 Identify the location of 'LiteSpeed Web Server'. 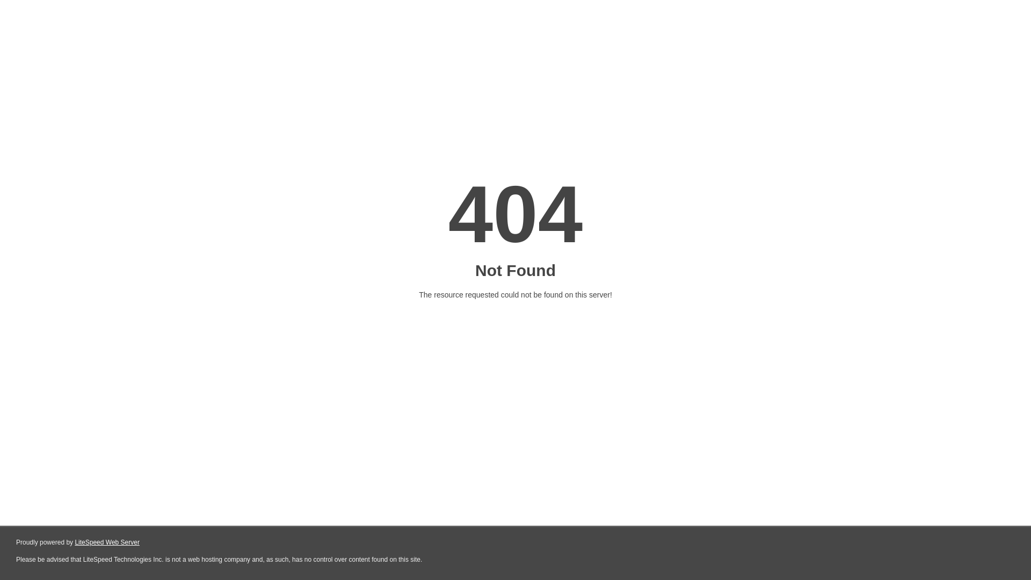
(107, 542).